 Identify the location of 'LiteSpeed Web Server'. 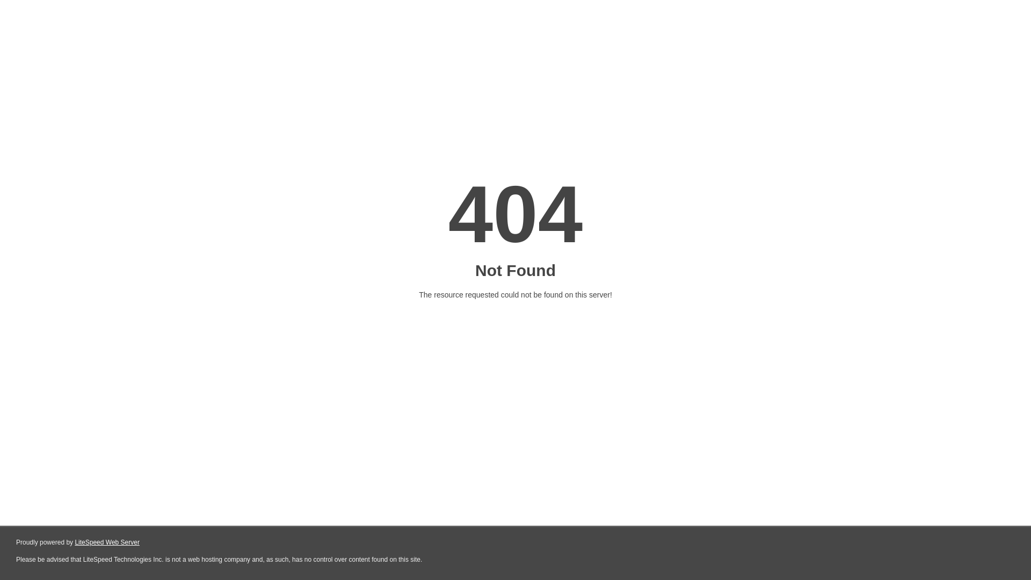
(107, 542).